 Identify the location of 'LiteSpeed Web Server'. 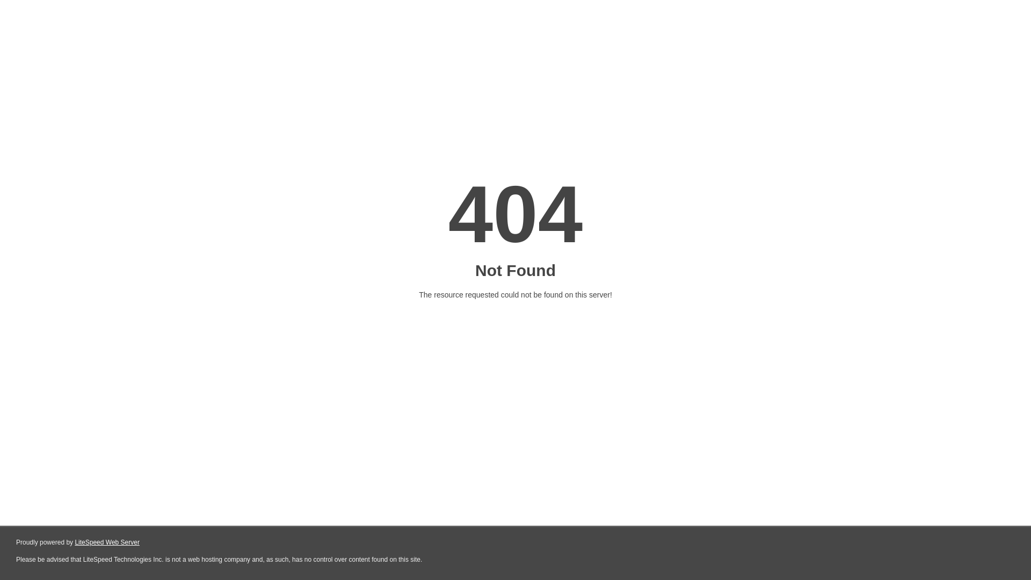
(107, 542).